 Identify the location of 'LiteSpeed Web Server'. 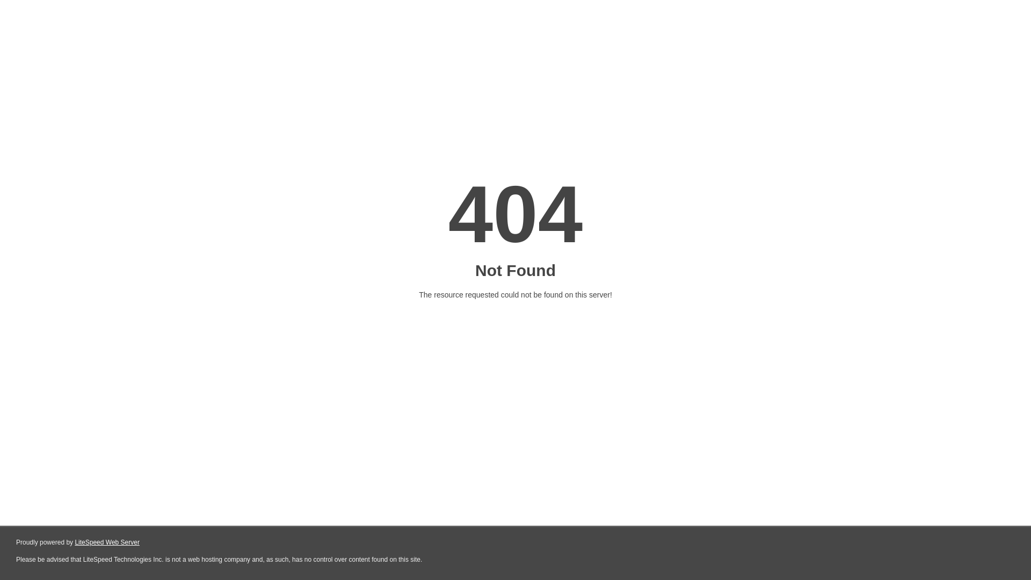
(107, 542).